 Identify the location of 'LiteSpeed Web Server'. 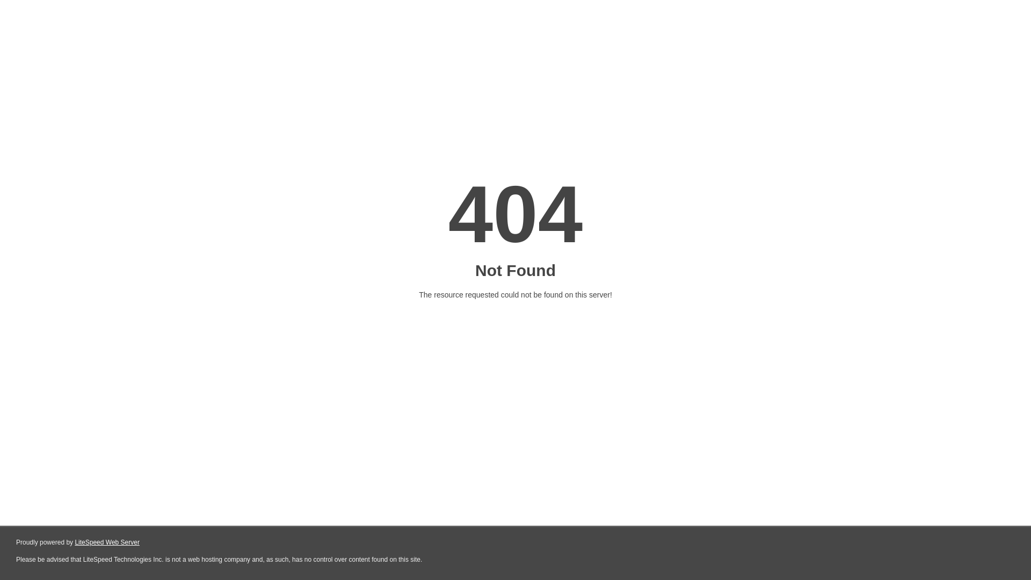
(107, 542).